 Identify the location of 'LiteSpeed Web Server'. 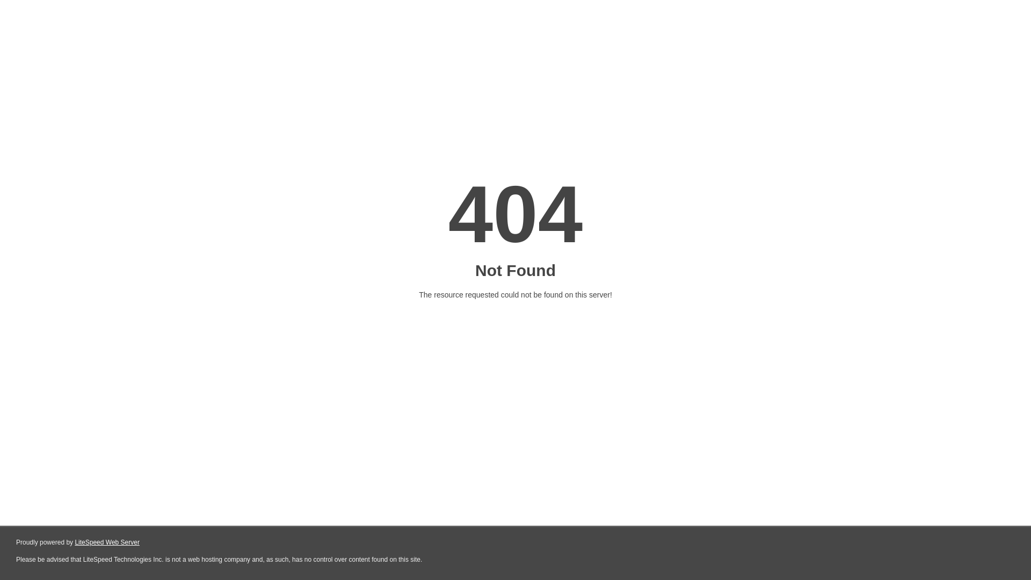
(107, 542).